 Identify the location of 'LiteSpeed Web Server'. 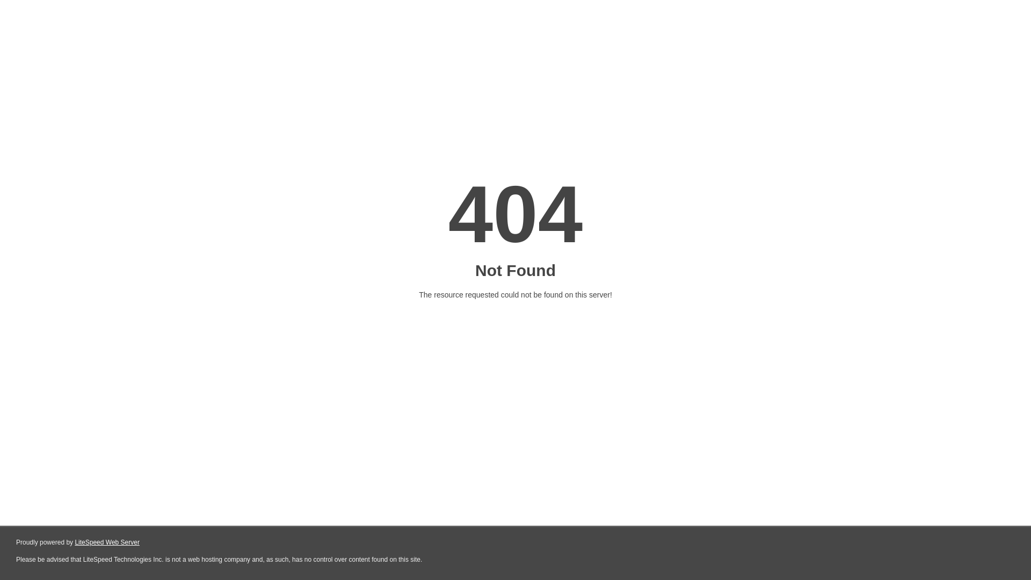
(107, 542).